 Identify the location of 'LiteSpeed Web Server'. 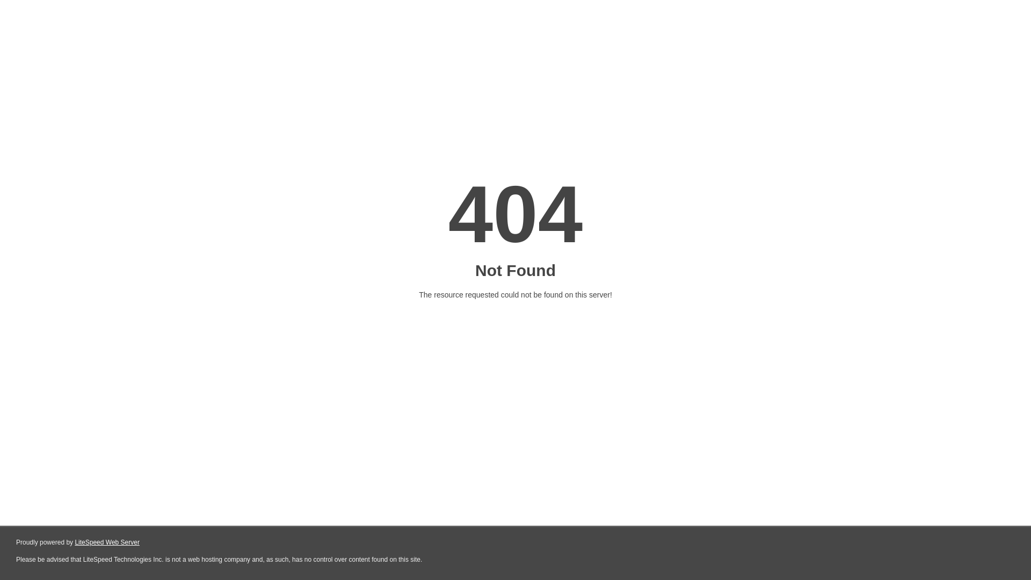
(107, 542).